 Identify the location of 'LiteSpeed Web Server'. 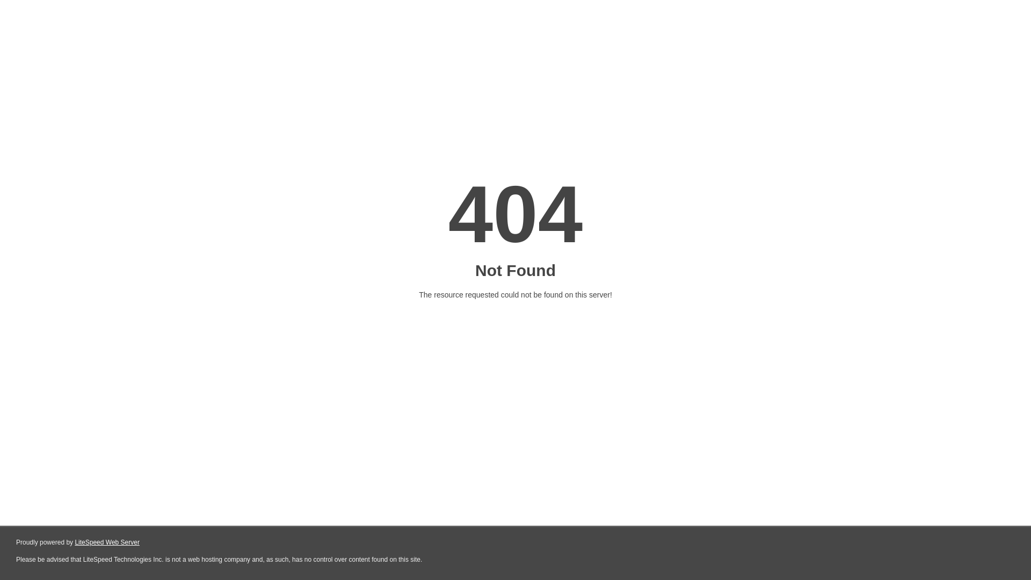
(107, 542).